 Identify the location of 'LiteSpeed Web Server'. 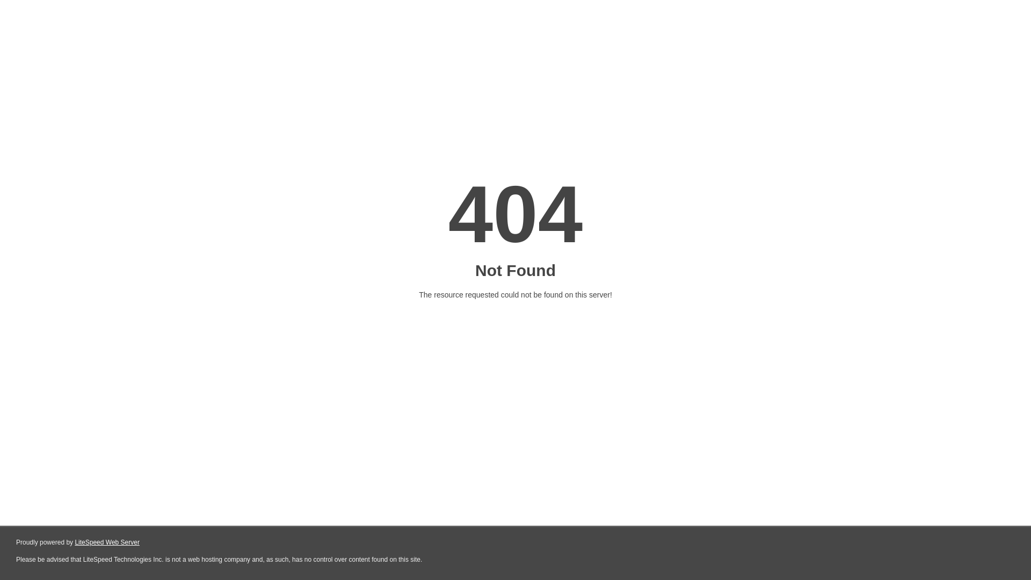
(107, 542).